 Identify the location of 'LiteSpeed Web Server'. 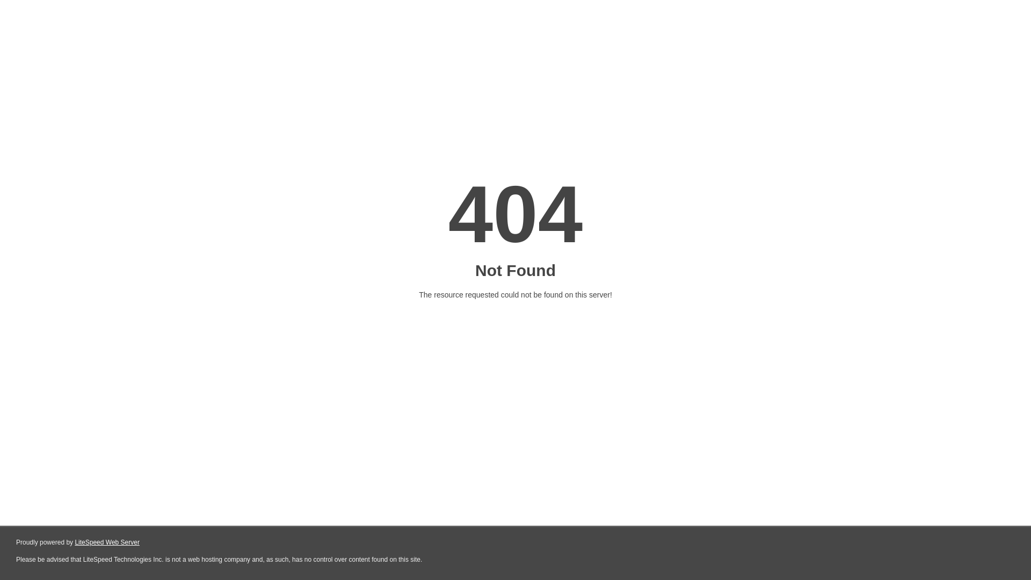
(107, 542).